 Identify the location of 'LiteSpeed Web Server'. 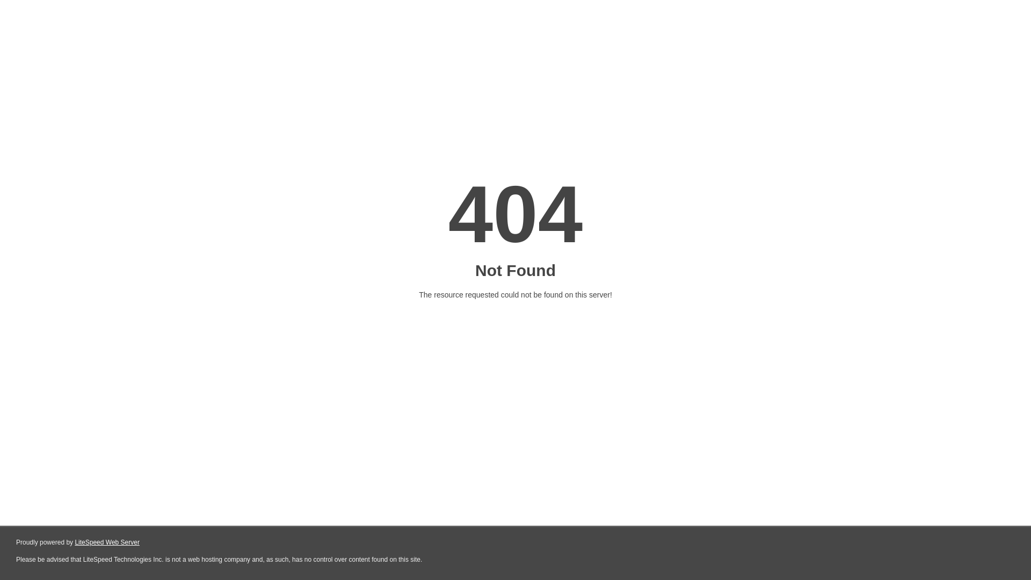
(107, 542).